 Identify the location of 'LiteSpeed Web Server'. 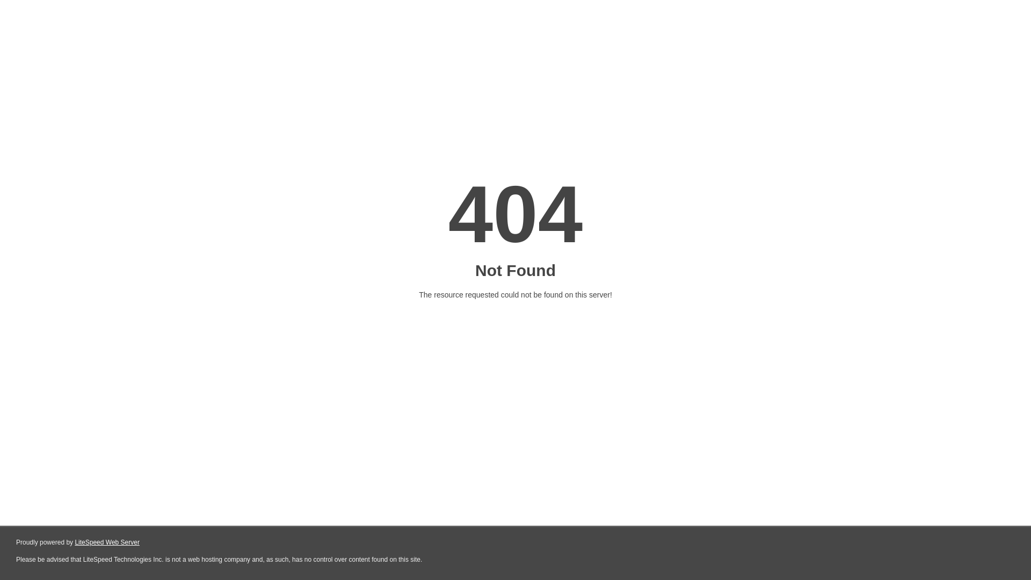
(107, 542).